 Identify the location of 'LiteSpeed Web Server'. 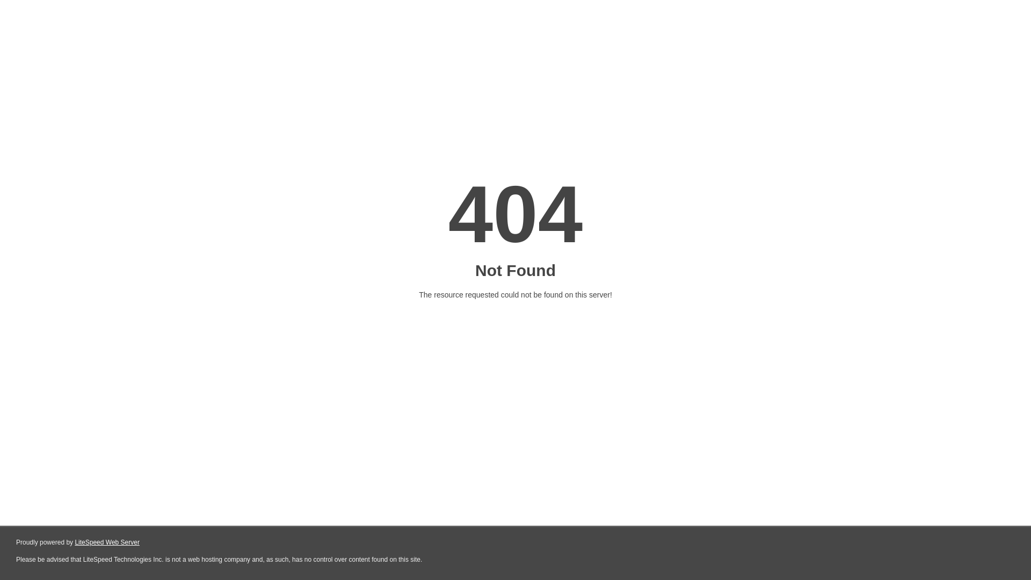
(107, 542).